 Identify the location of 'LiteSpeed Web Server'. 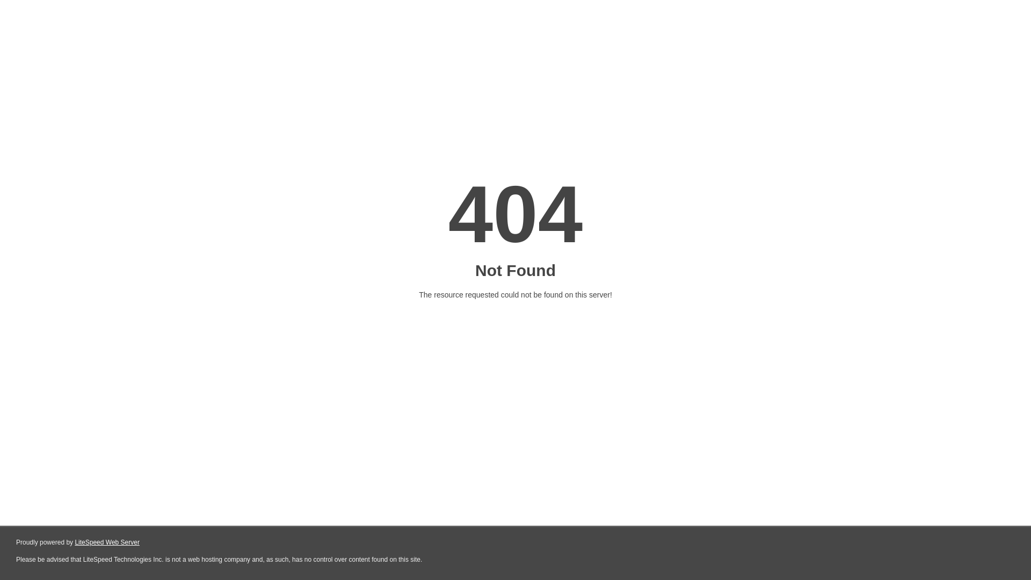
(107, 542).